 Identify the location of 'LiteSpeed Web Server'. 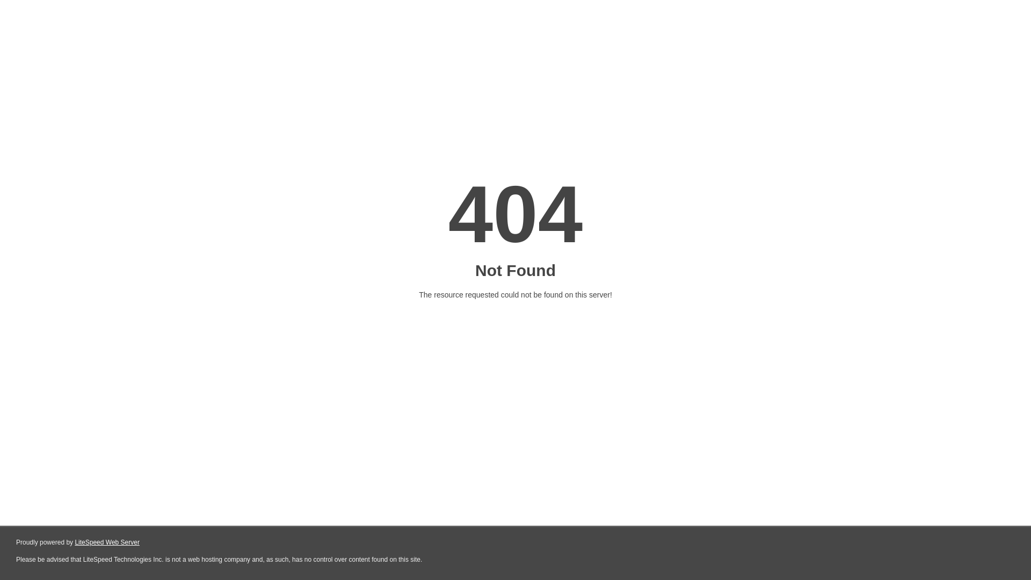
(107, 542).